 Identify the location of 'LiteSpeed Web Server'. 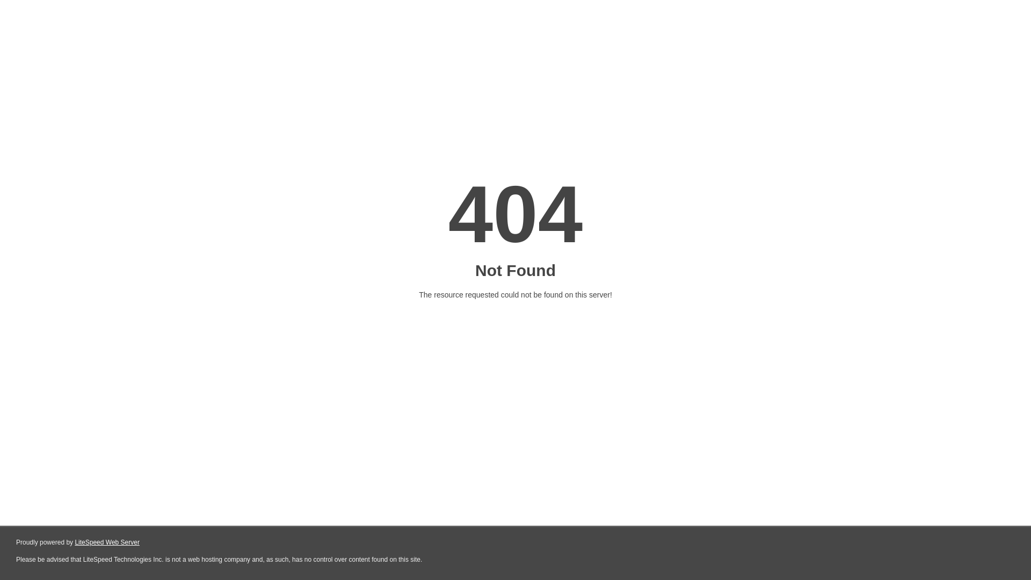
(107, 542).